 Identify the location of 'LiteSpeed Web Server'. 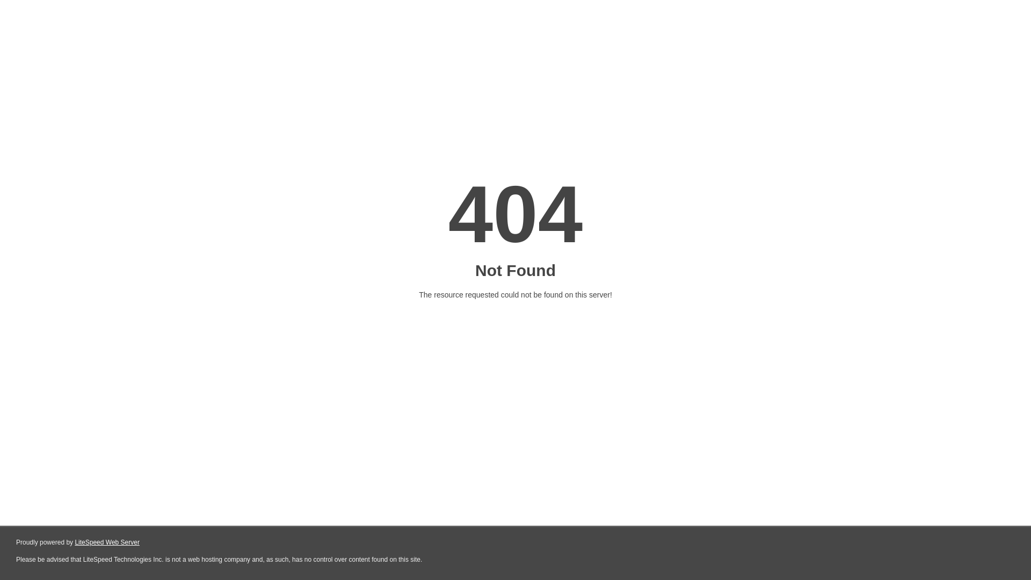
(107, 542).